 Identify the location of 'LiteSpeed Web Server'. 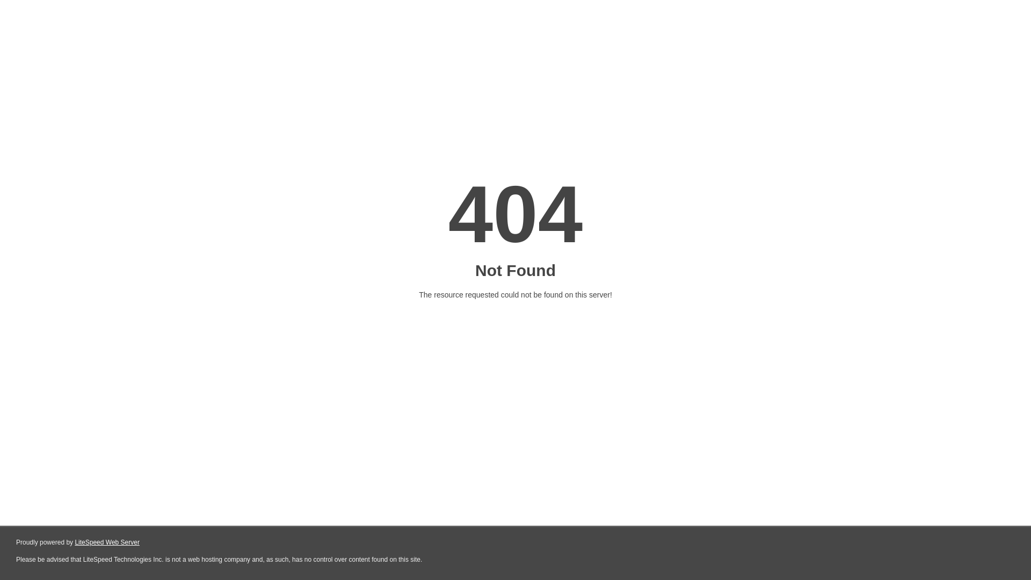
(107, 542).